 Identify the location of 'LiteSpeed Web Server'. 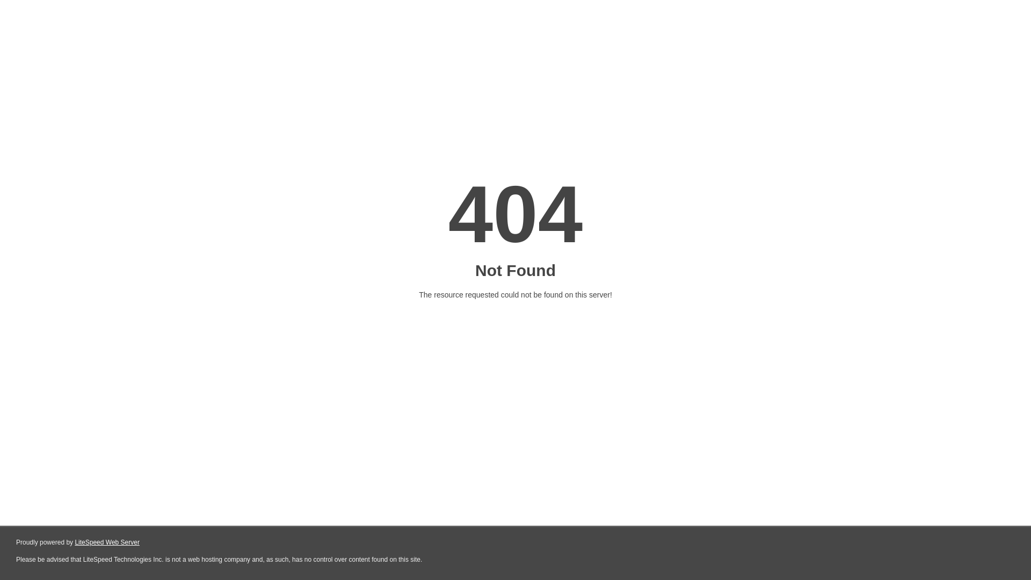
(107, 542).